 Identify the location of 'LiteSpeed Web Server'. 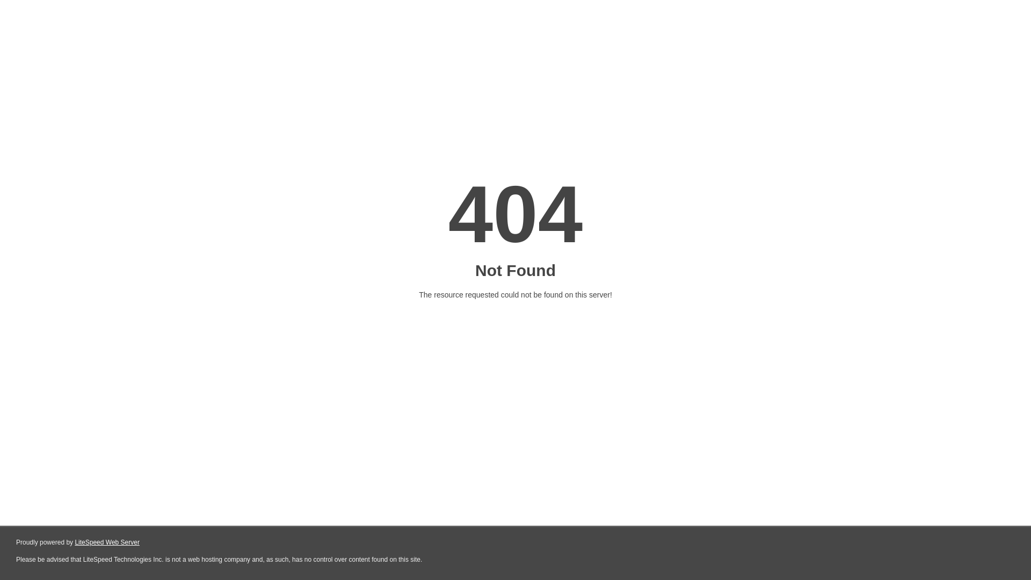
(107, 542).